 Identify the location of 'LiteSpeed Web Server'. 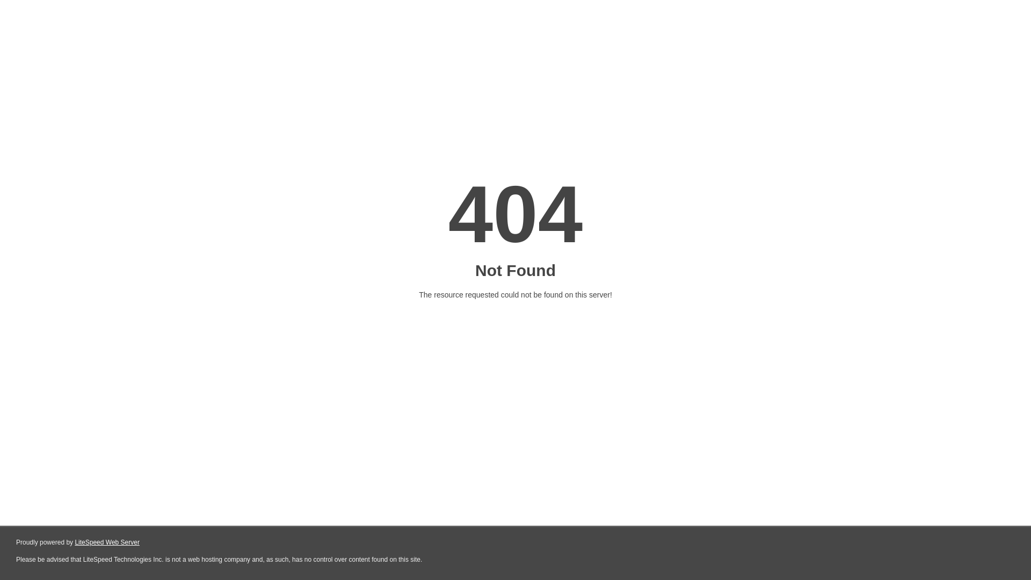
(107, 542).